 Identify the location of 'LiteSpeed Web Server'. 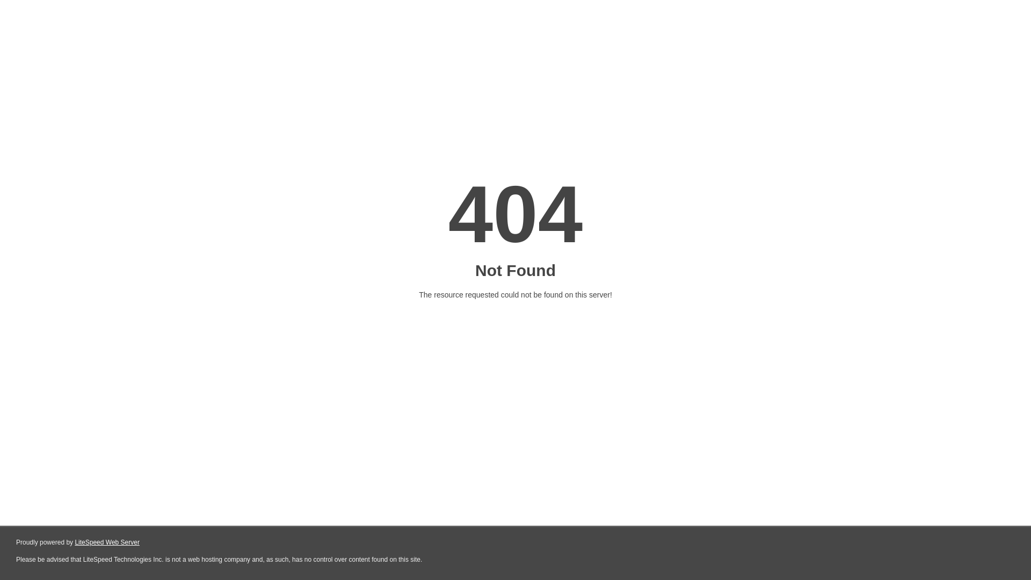
(107, 542).